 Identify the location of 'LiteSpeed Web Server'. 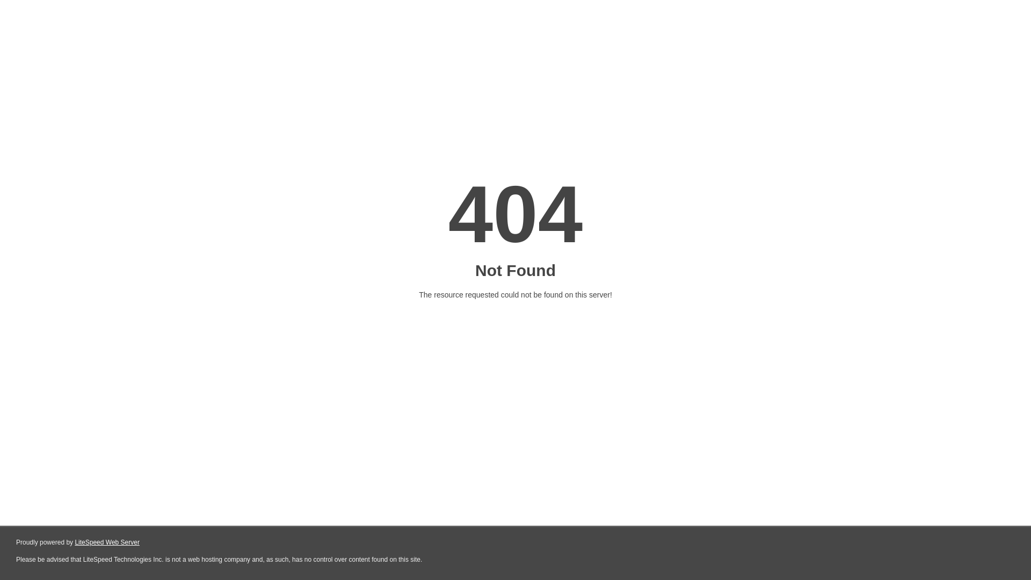
(107, 542).